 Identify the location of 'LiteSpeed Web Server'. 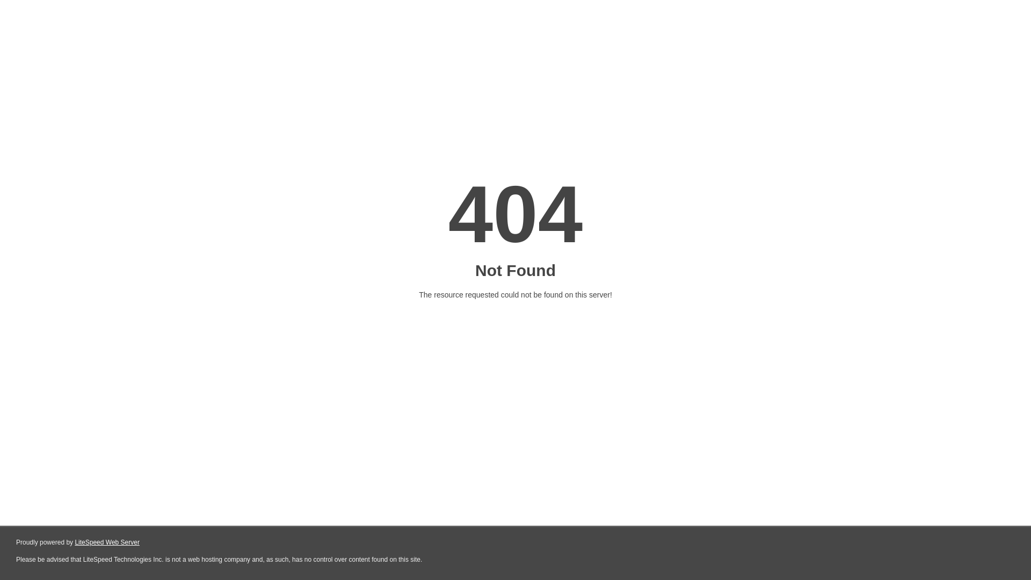
(107, 542).